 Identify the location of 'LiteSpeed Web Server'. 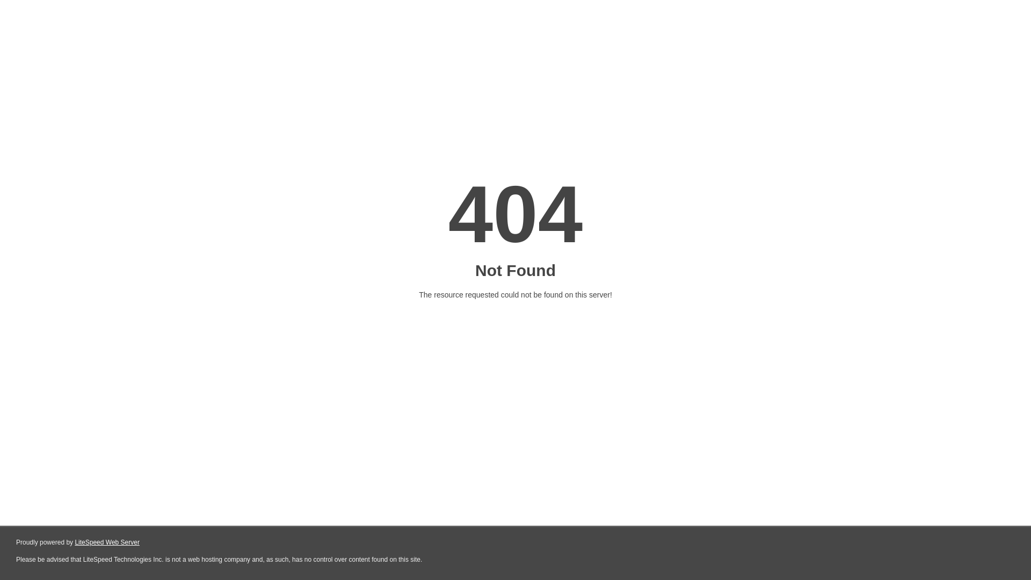
(107, 542).